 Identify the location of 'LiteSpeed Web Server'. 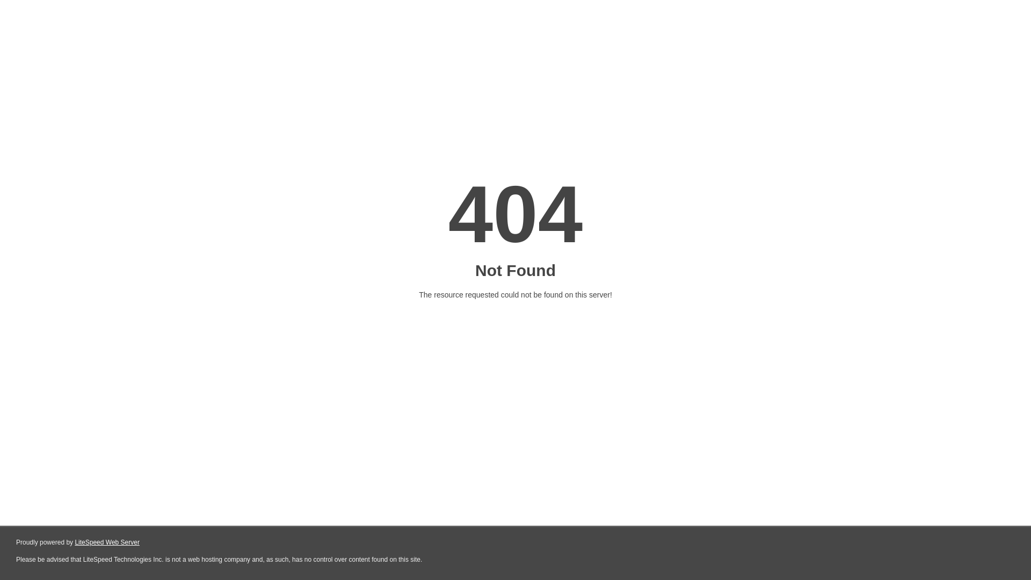
(107, 542).